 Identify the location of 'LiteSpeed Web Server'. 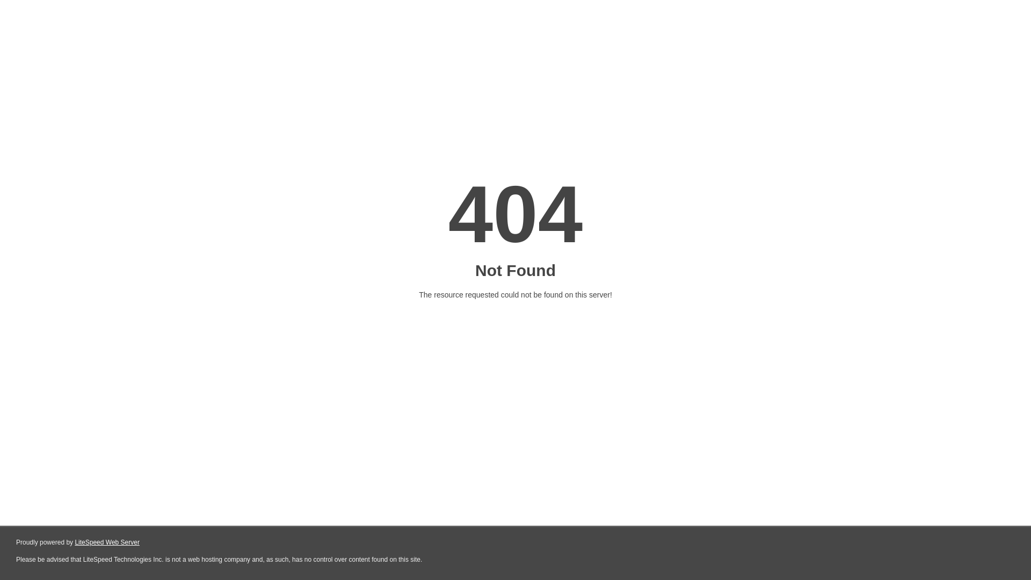
(107, 542).